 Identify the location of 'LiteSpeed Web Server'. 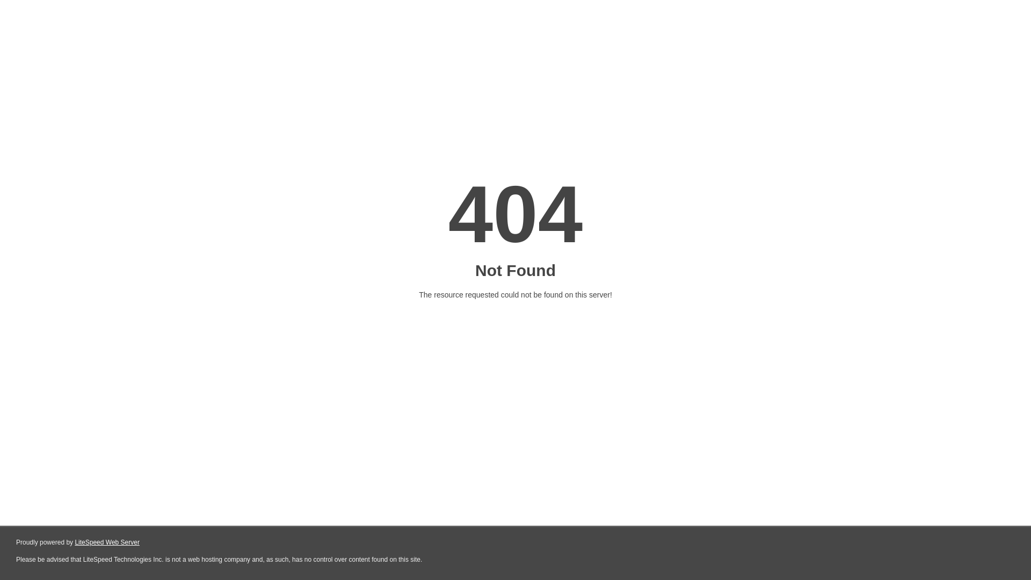
(107, 542).